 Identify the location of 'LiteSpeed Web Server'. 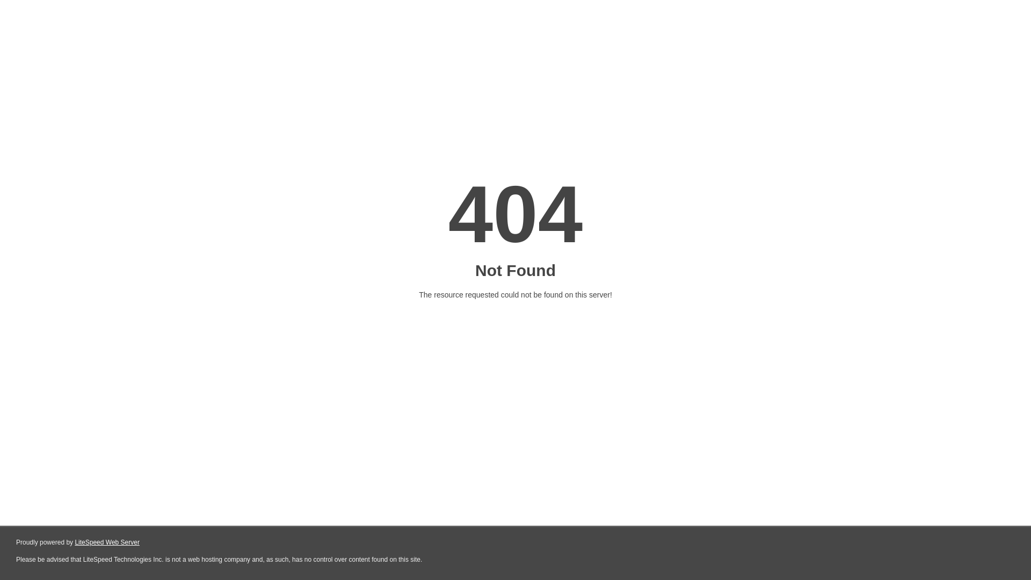
(107, 542).